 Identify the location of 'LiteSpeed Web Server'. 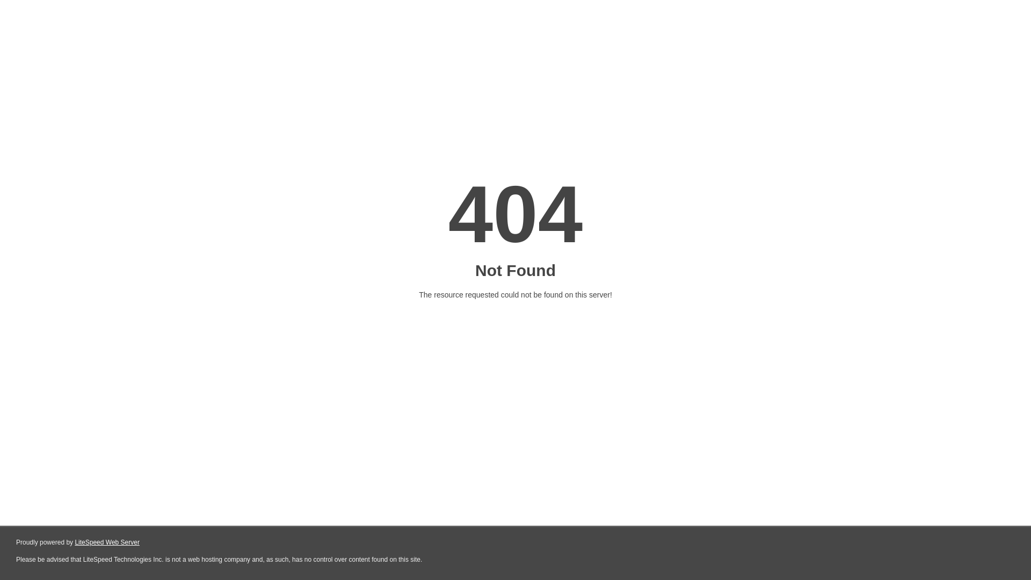
(107, 542).